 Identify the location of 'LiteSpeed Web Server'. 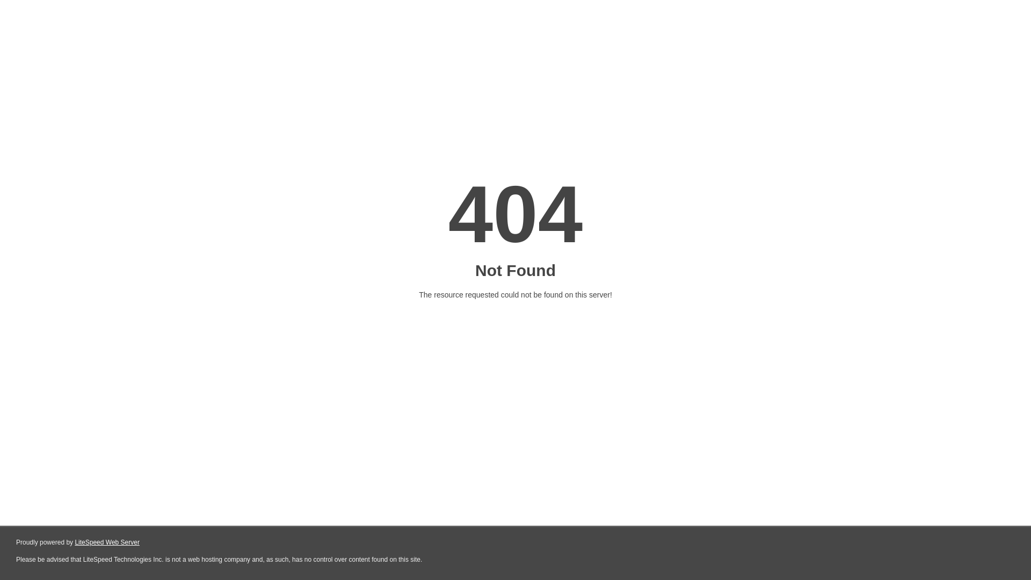
(107, 542).